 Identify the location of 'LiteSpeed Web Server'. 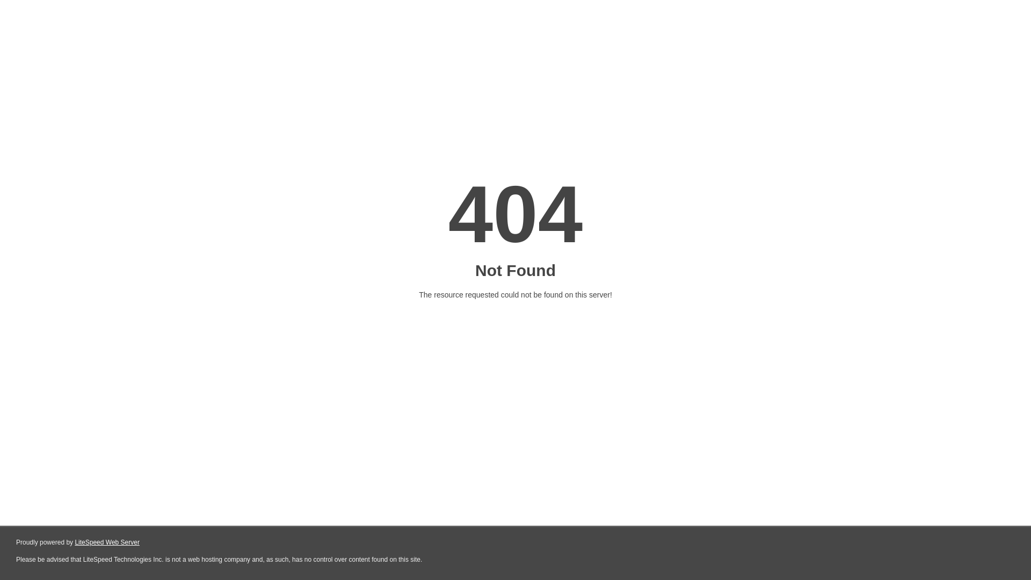
(107, 542).